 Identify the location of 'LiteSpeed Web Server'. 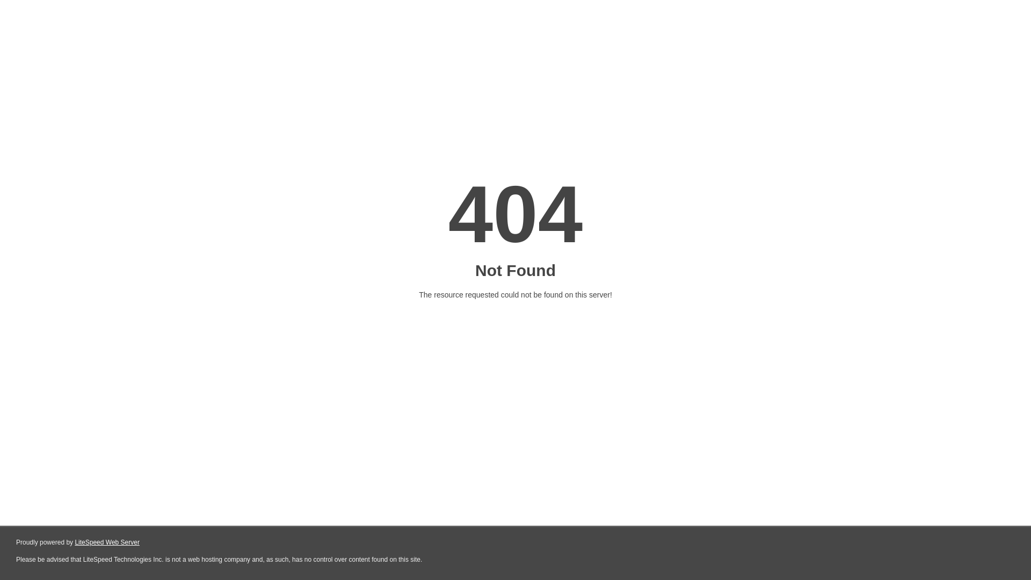
(107, 542).